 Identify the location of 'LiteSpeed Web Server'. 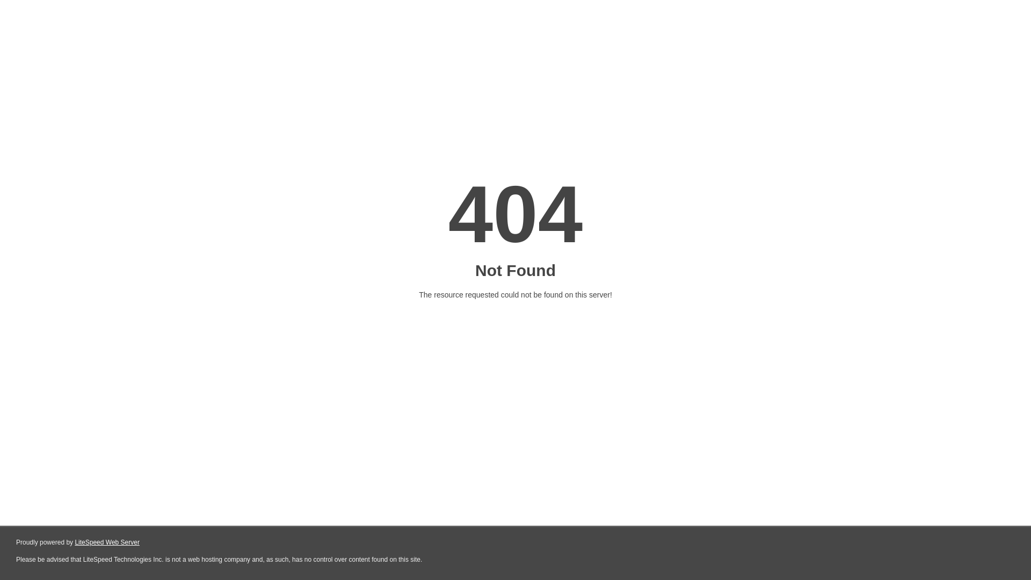
(107, 542).